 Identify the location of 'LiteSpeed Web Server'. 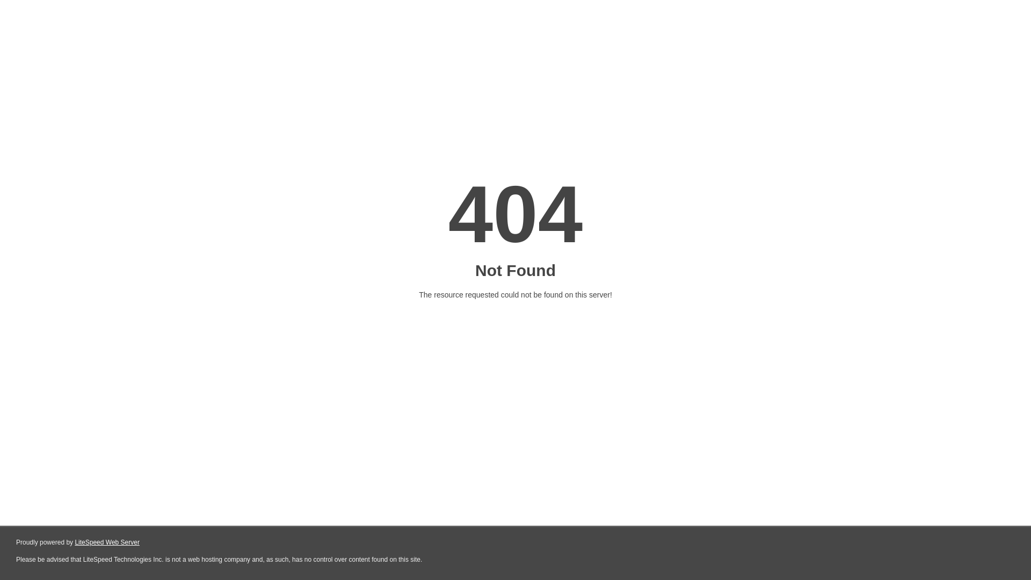
(107, 542).